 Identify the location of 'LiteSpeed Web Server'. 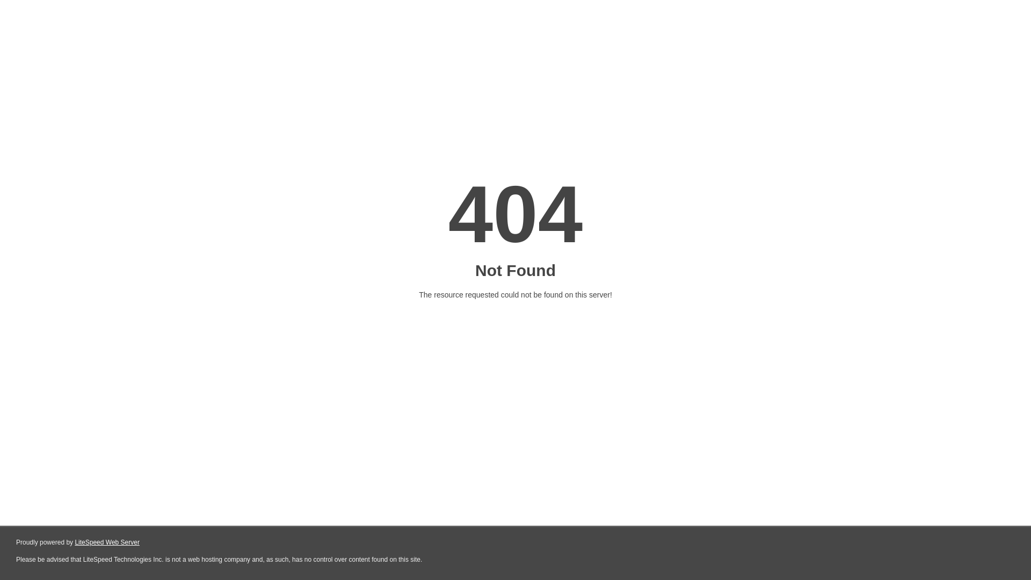
(107, 542).